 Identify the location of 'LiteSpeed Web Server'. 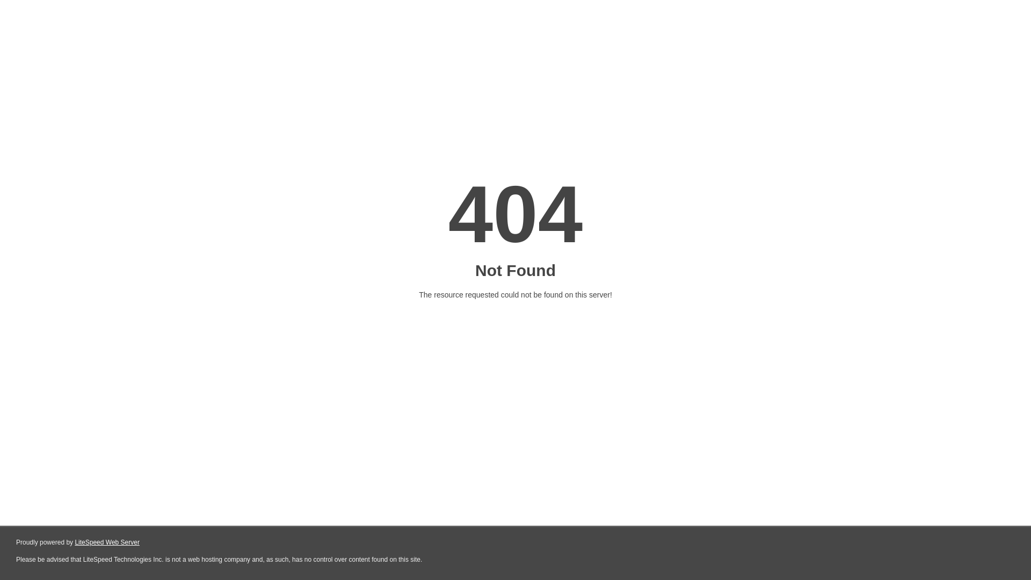
(107, 542).